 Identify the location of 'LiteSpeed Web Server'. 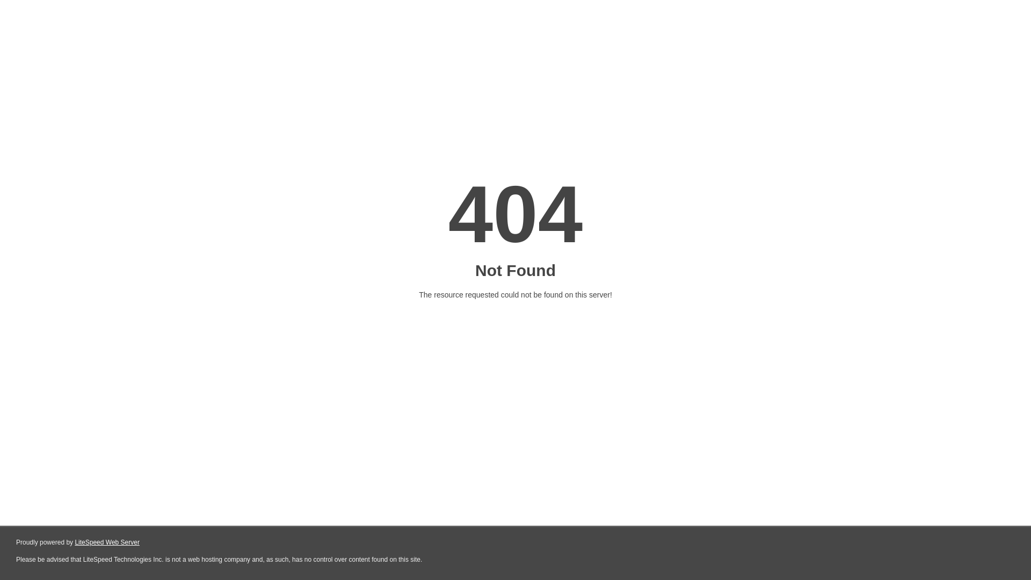
(107, 542).